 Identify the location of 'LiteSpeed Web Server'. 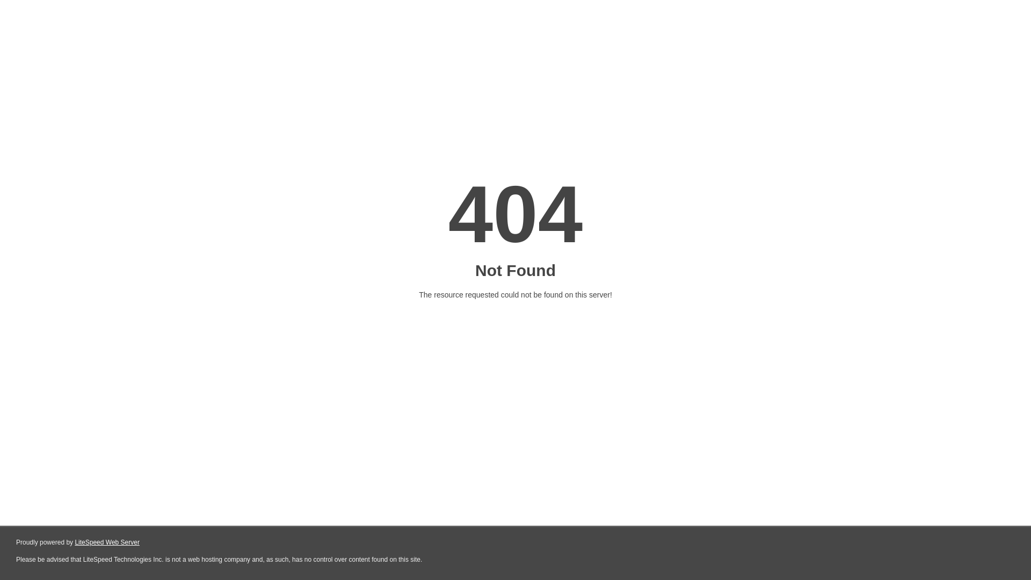
(107, 542).